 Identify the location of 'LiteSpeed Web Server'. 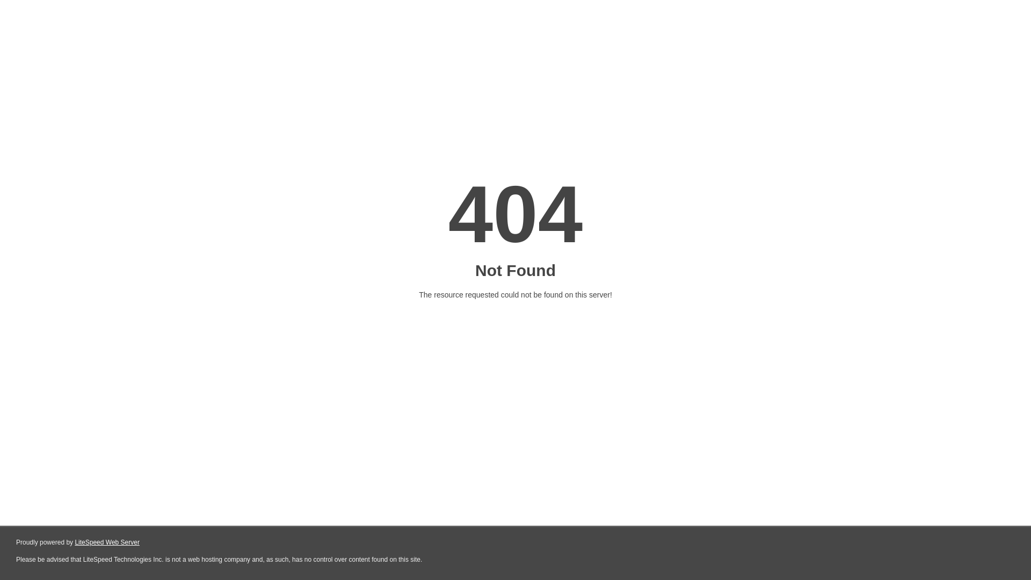
(107, 542).